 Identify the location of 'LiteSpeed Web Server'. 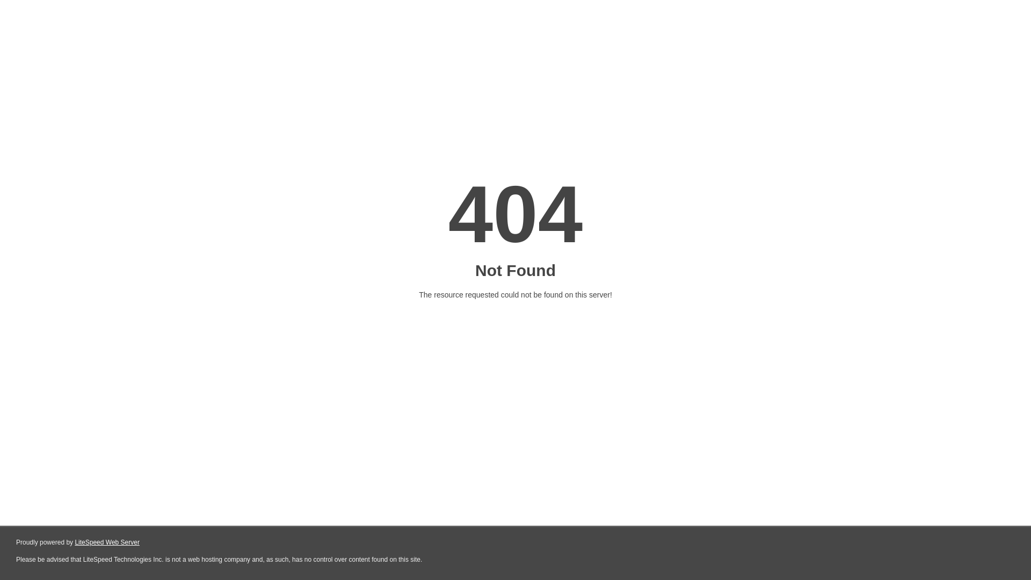
(107, 542).